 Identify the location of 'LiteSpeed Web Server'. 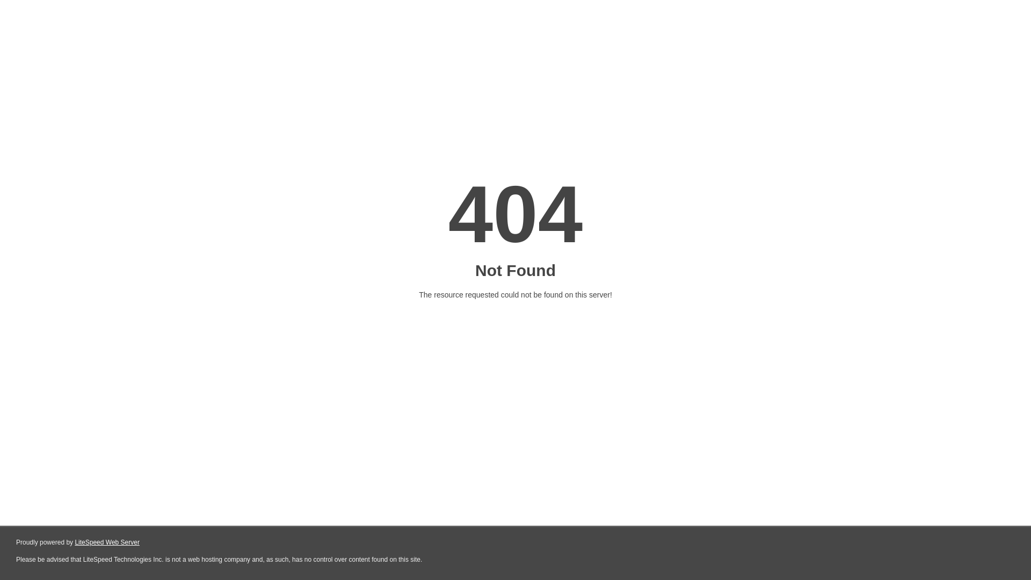
(107, 542).